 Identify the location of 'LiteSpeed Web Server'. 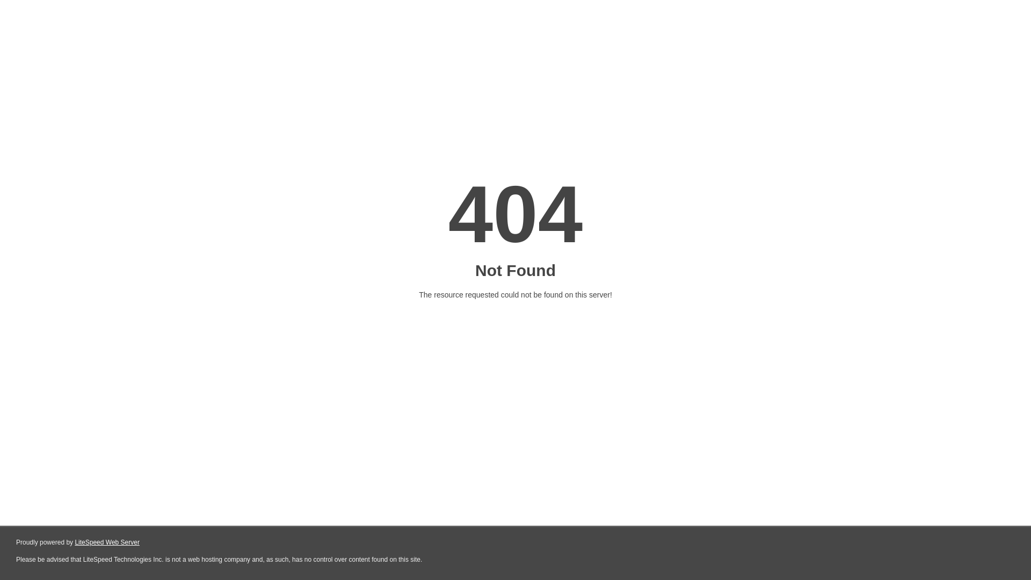
(107, 542).